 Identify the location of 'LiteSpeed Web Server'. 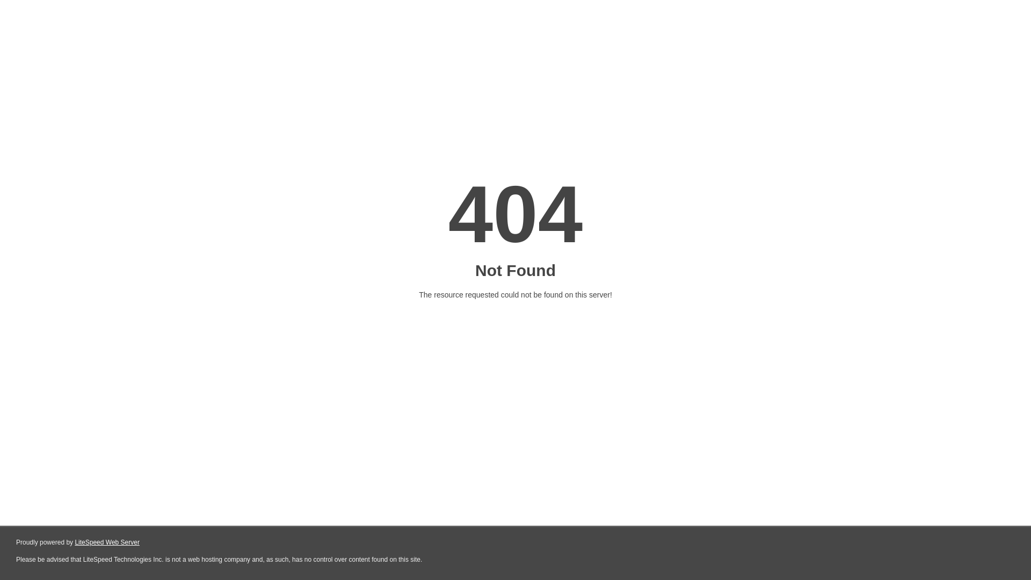
(107, 542).